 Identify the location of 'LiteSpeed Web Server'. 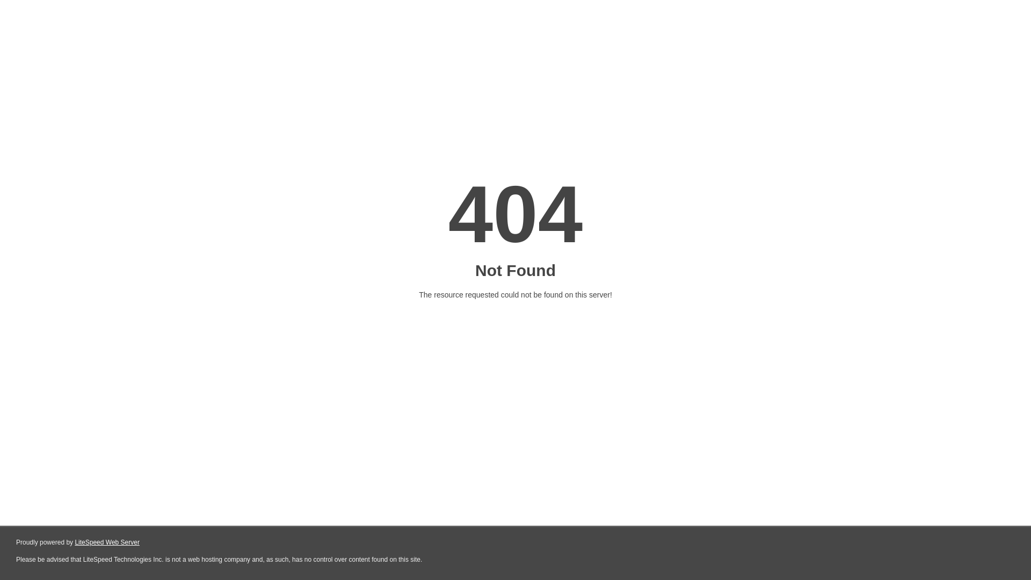
(107, 542).